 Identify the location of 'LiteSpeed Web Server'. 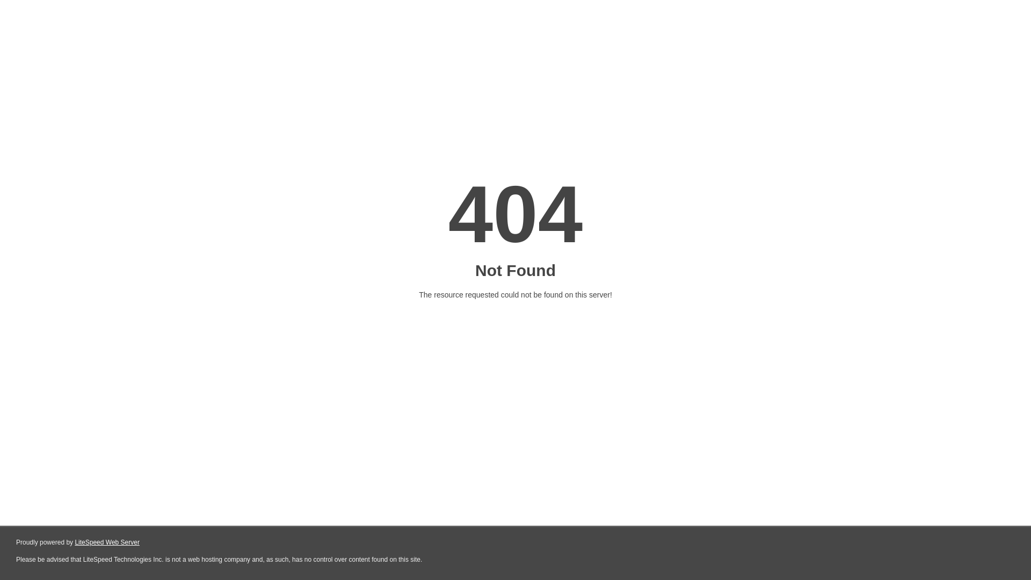
(107, 542).